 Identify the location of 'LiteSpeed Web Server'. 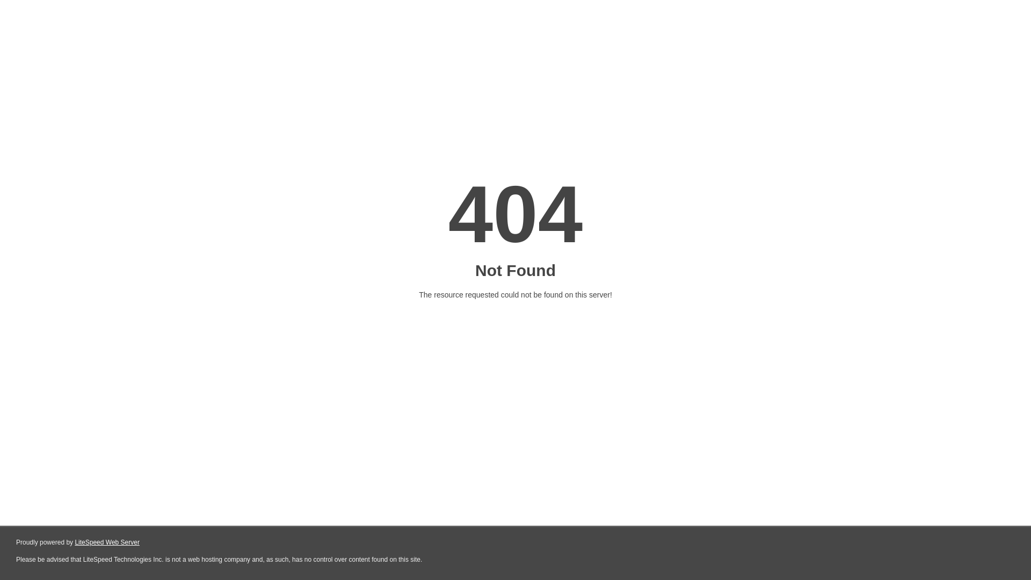
(107, 542).